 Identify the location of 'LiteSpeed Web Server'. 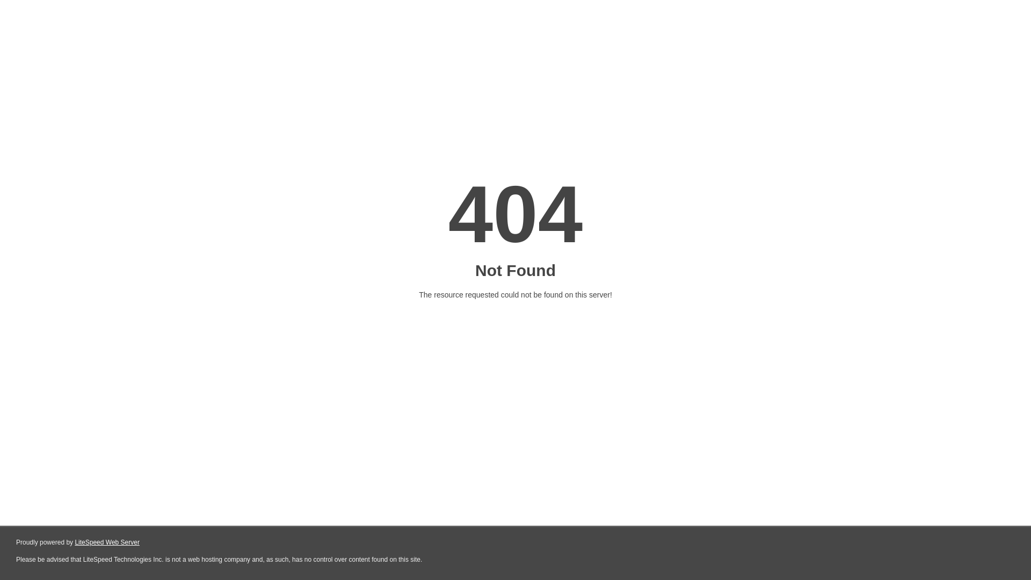
(107, 542).